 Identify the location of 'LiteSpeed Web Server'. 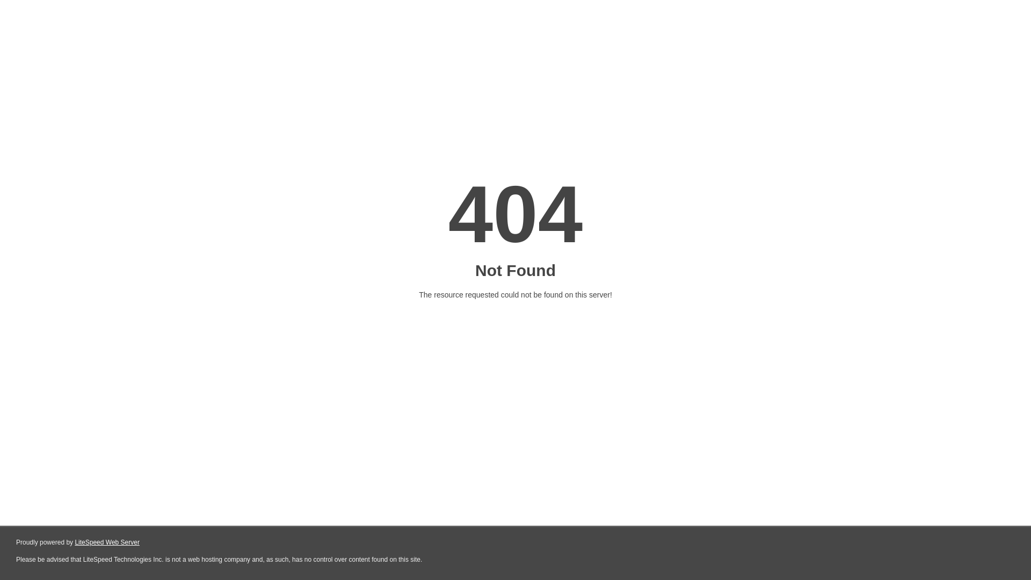
(107, 542).